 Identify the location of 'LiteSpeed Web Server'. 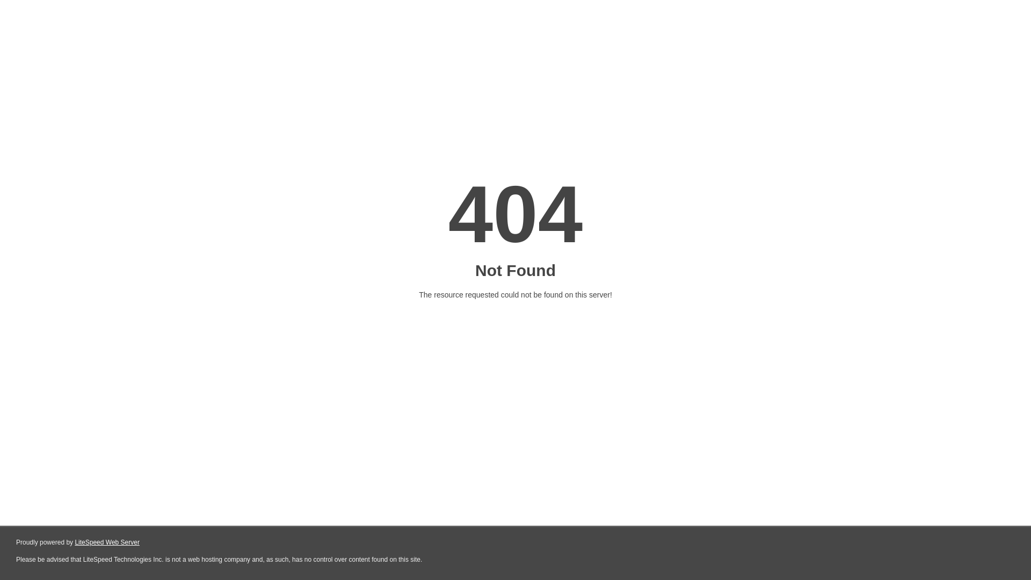
(107, 542).